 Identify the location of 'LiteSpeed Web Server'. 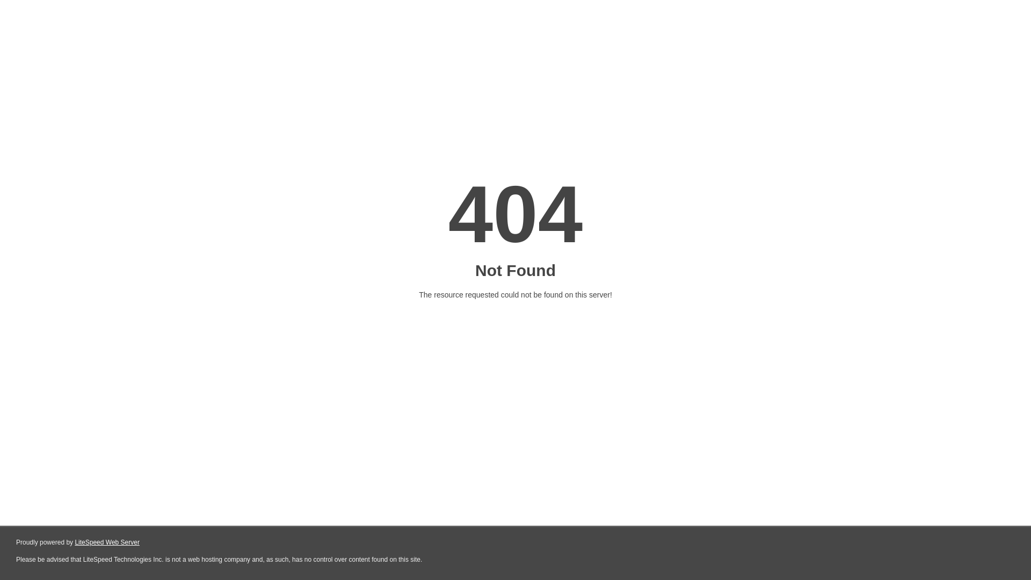
(107, 542).